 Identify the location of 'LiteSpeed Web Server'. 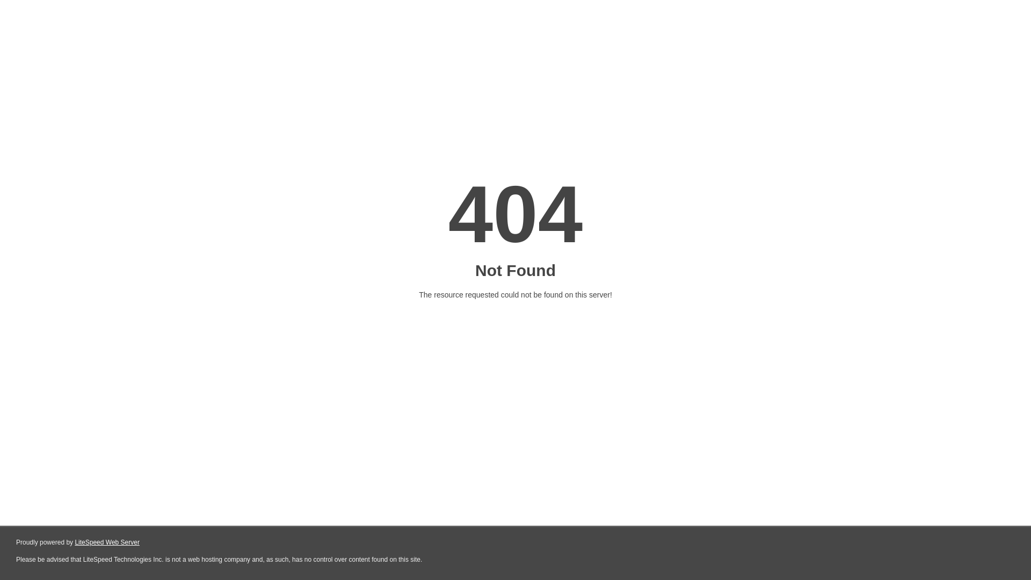
(107, 542).